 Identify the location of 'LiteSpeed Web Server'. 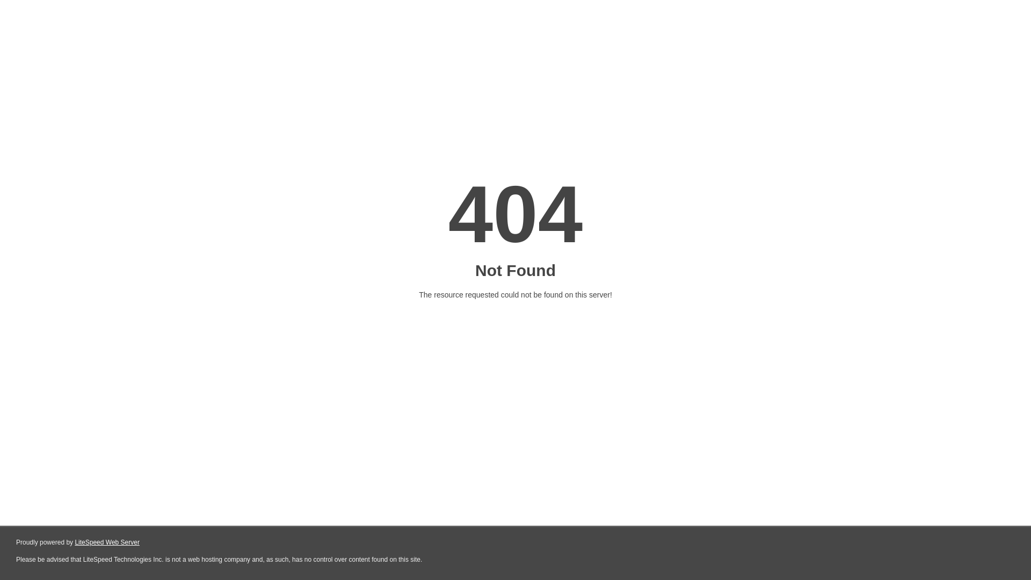
(107, 542).